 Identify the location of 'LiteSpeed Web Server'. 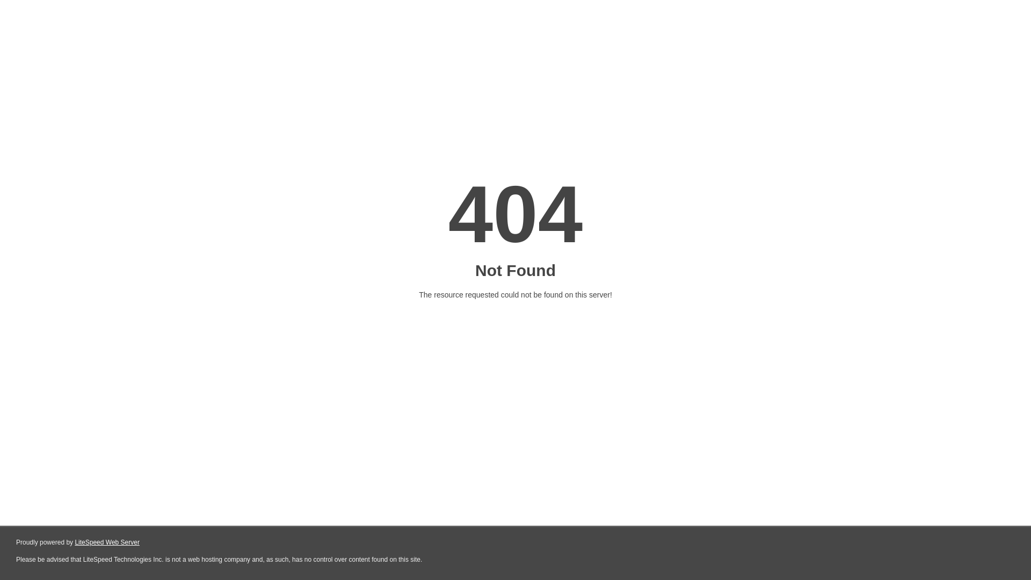
(107, 542).